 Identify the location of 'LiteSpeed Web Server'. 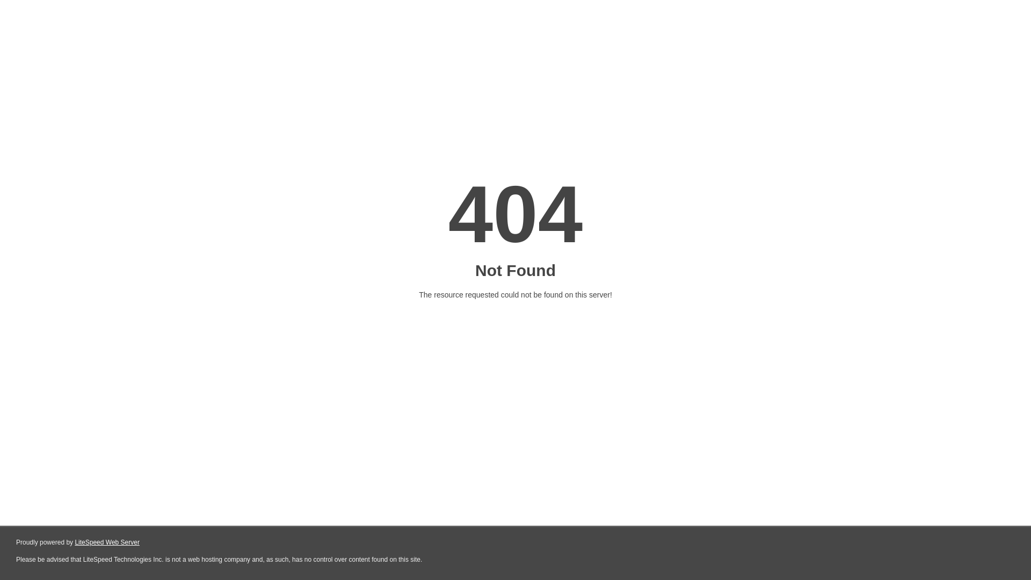
(107, 542).